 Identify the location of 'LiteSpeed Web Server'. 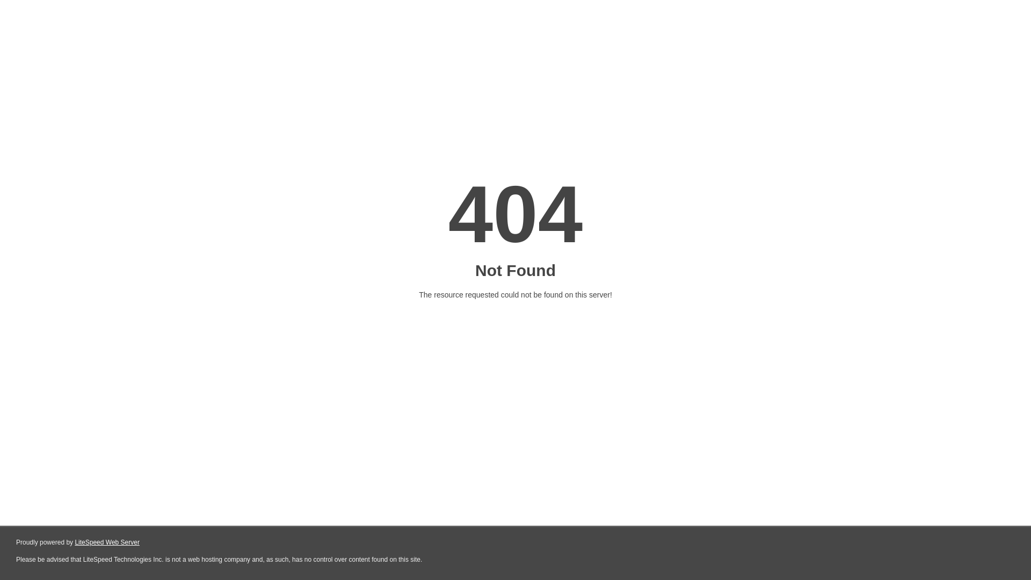
(107, 542).